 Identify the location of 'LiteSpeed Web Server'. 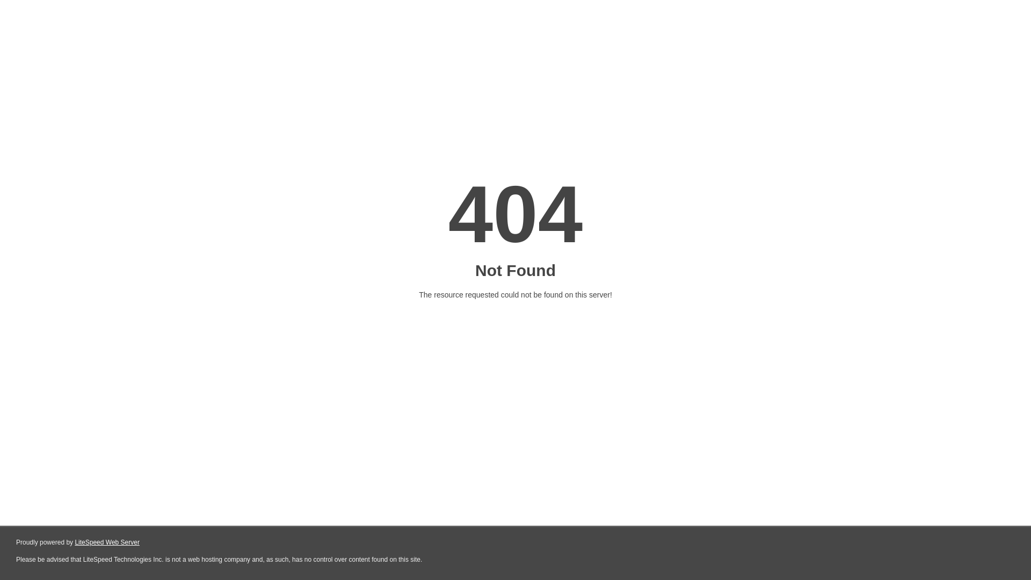
(107, 542).